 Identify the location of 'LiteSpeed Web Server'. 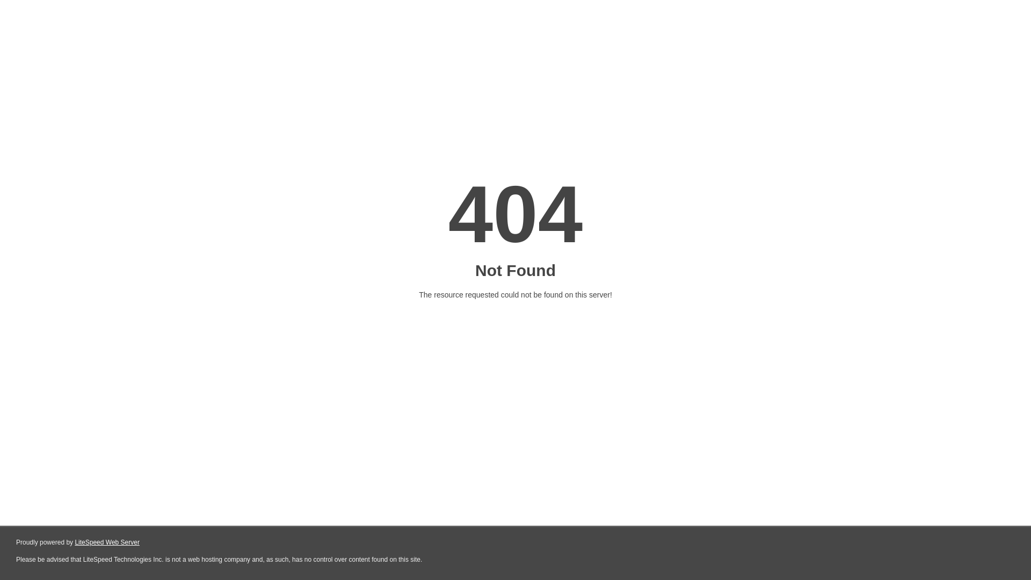
(107, 542).